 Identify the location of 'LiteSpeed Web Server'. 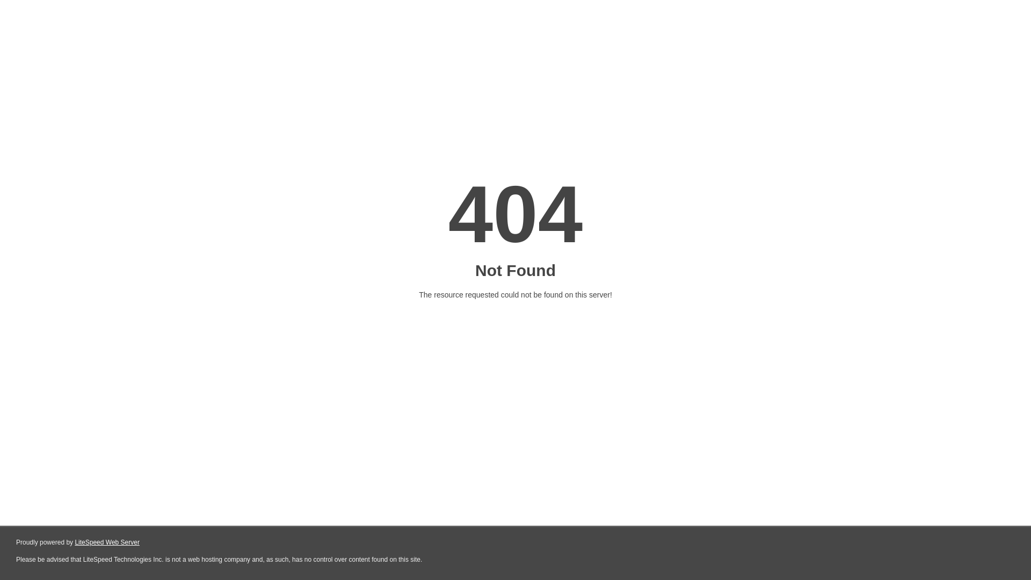
(107, 542).